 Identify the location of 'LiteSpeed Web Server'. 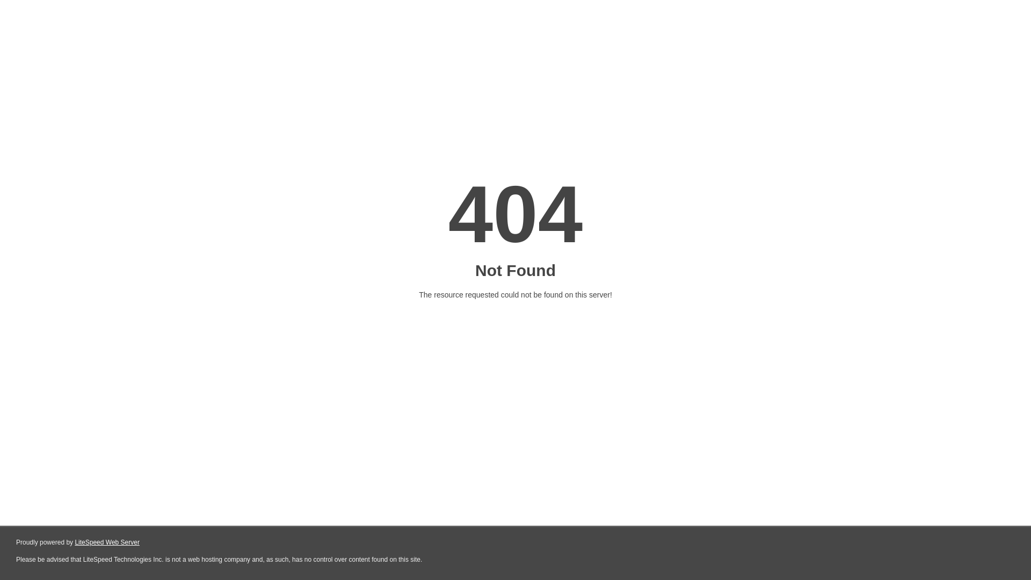
(107, 542).